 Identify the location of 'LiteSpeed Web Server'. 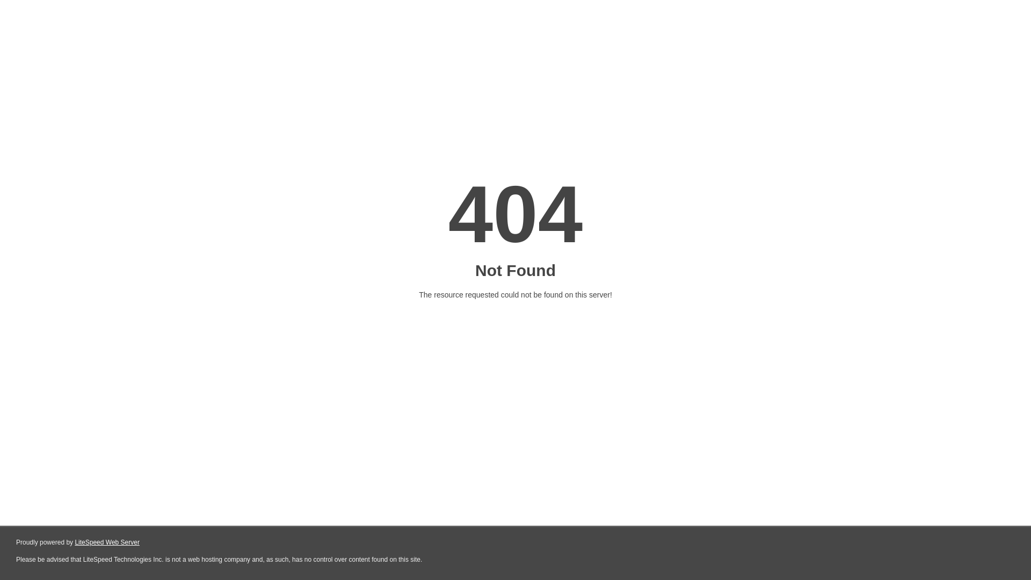
(107, 542).